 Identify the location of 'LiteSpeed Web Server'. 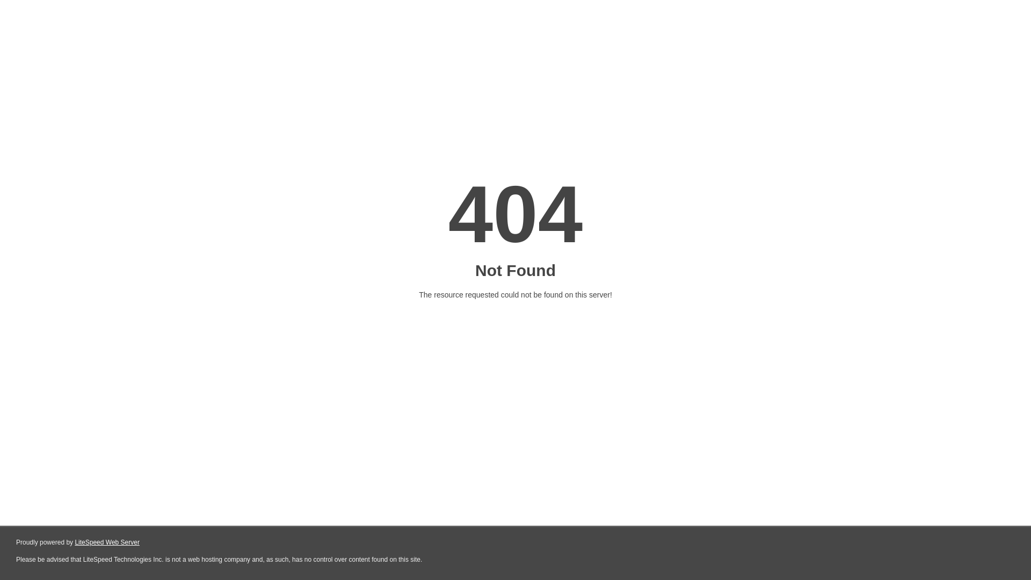
(107, 542).